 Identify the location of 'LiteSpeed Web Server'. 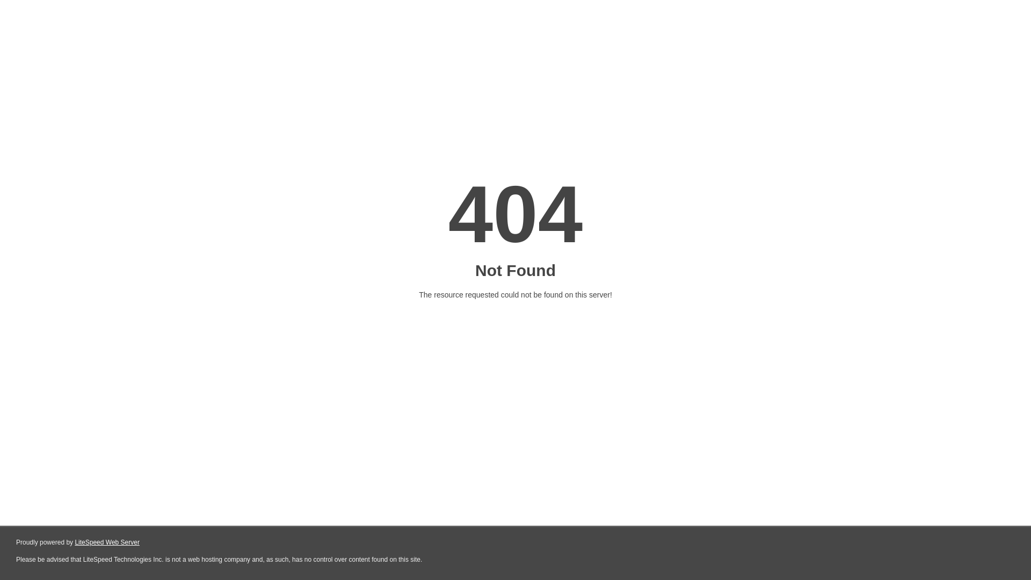
(107, 542).